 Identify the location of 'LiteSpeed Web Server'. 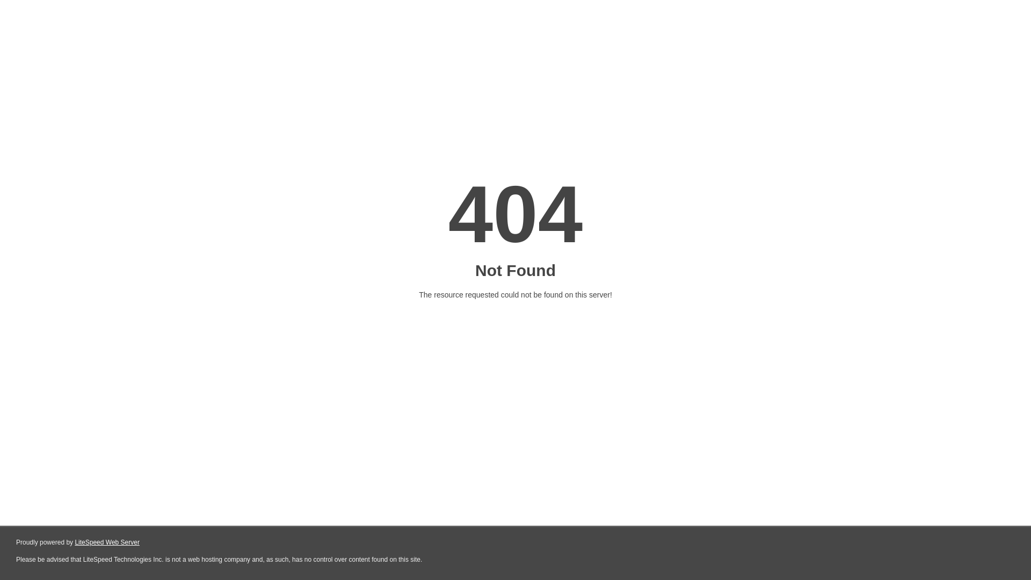
(107, 542).